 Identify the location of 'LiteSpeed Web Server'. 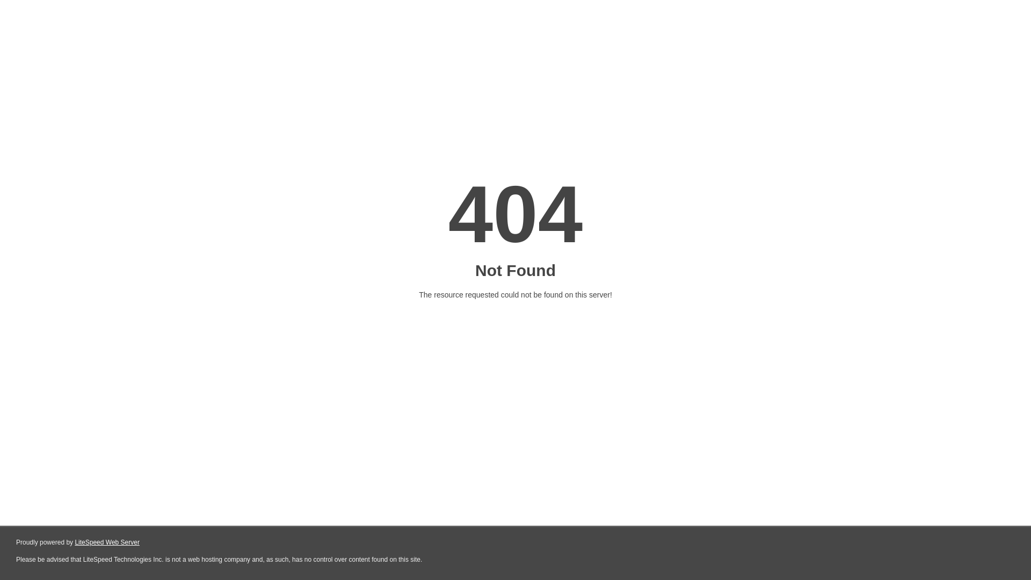
(107, 542).